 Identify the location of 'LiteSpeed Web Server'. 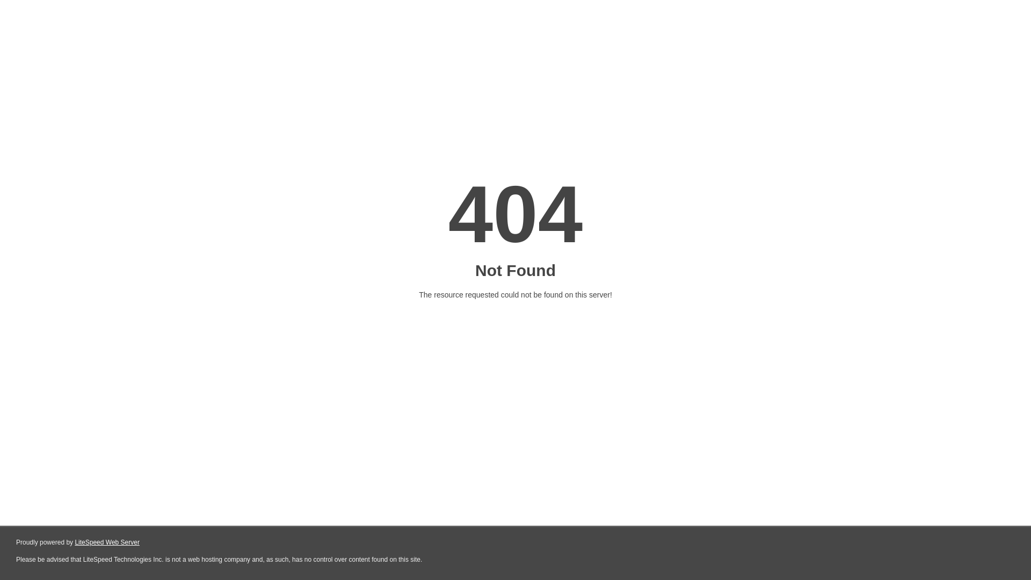
(107, 542).